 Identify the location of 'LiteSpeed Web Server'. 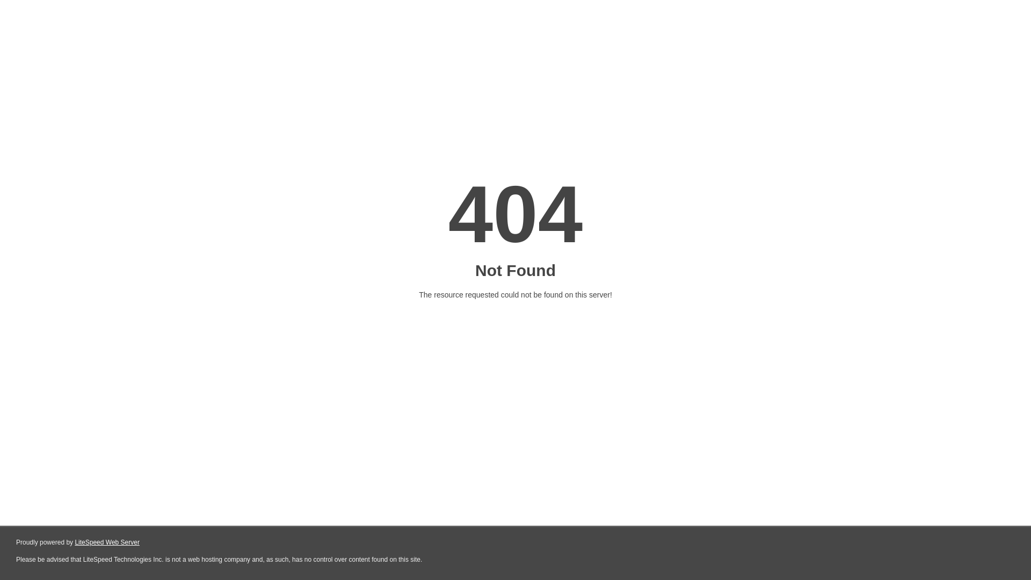
(107, 542).